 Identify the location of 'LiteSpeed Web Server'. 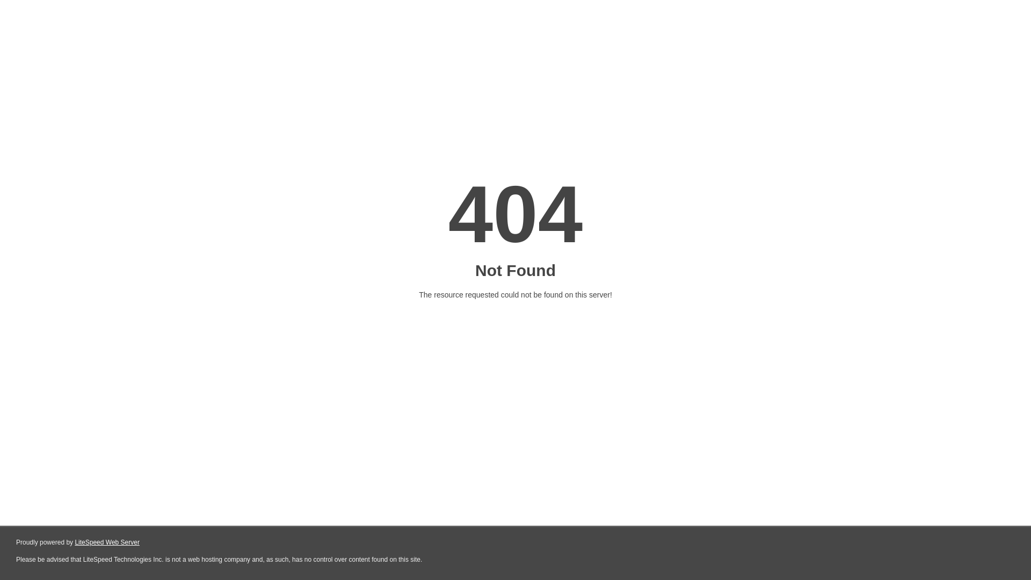
(107, 542).